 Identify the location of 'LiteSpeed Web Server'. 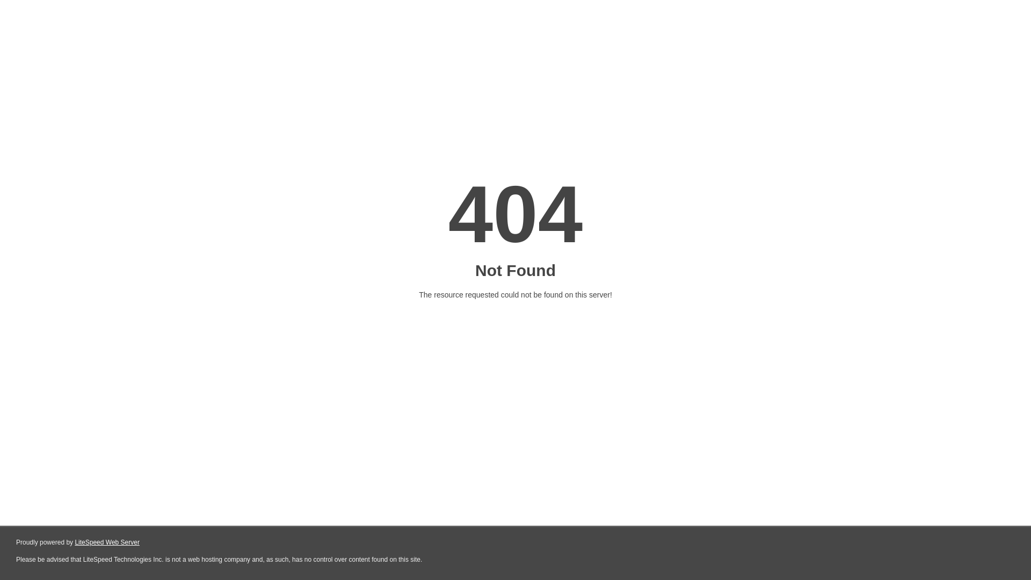
(107, 542).